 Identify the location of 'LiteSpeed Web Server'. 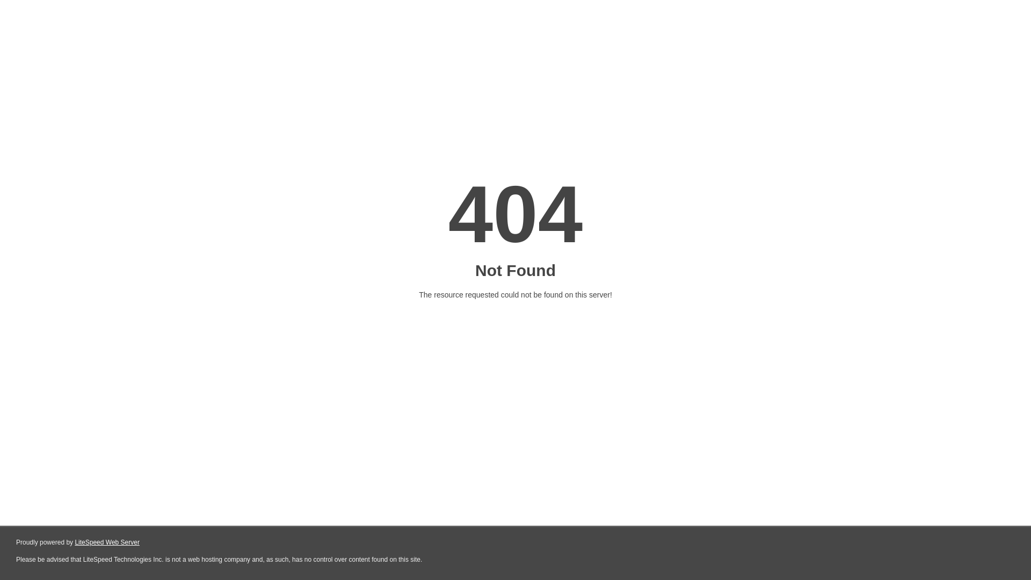
(107, 542).